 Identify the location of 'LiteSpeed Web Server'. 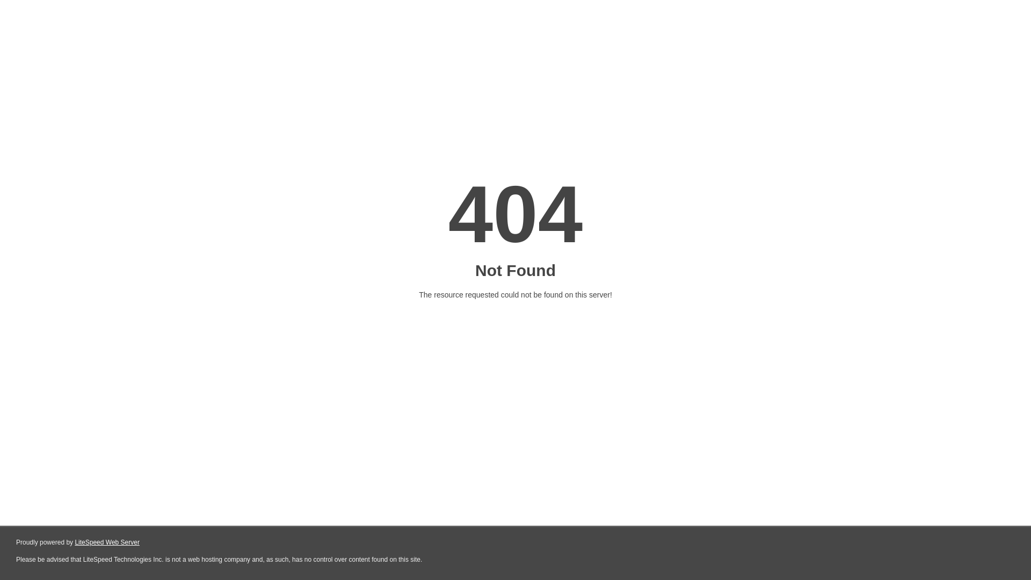
(107, 542).